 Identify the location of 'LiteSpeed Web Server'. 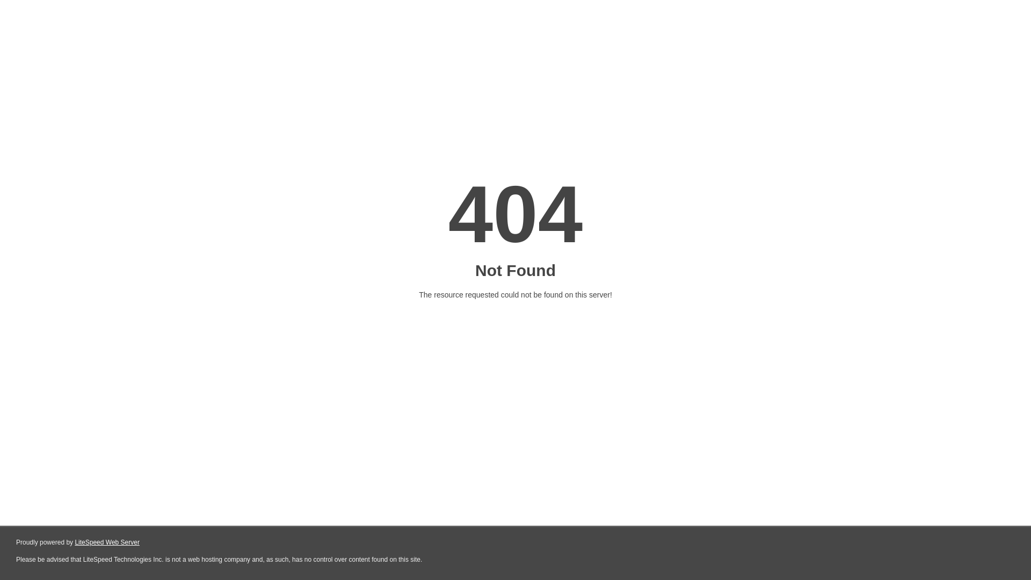
(107, 542).